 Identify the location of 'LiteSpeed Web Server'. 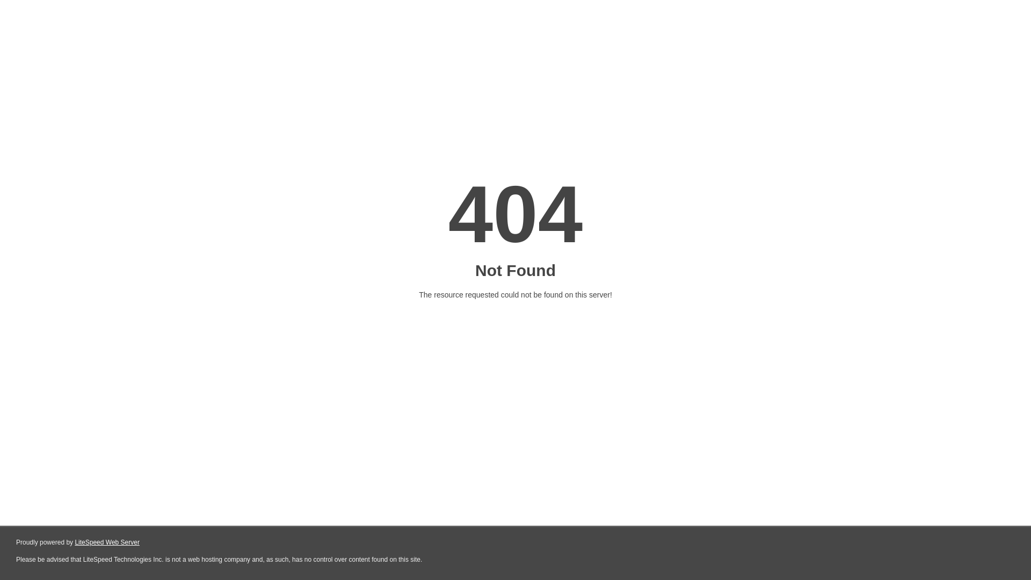
(107, 542).